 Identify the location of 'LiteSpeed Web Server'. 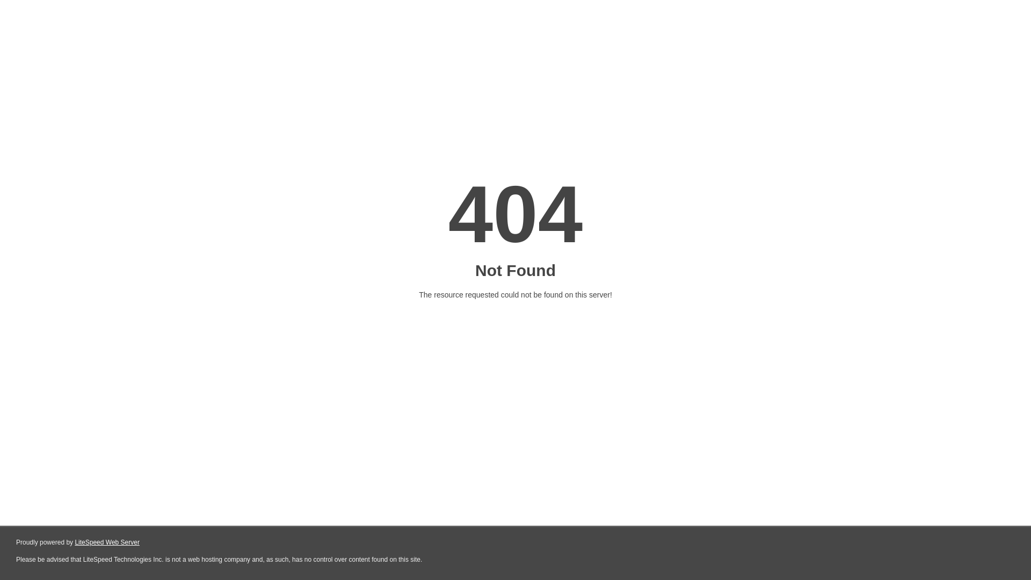
(107, 542).